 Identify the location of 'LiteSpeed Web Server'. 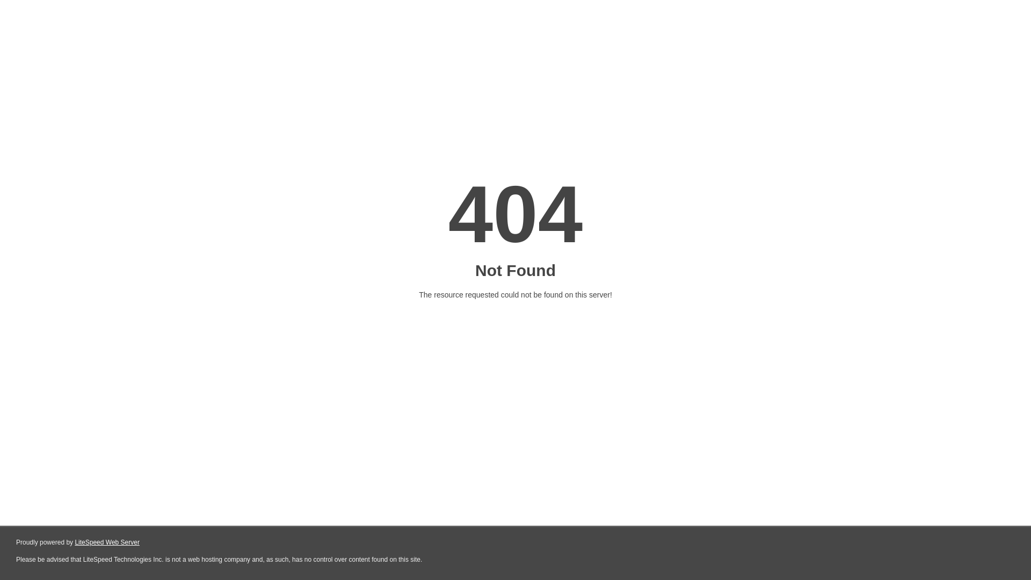
(107, 542).